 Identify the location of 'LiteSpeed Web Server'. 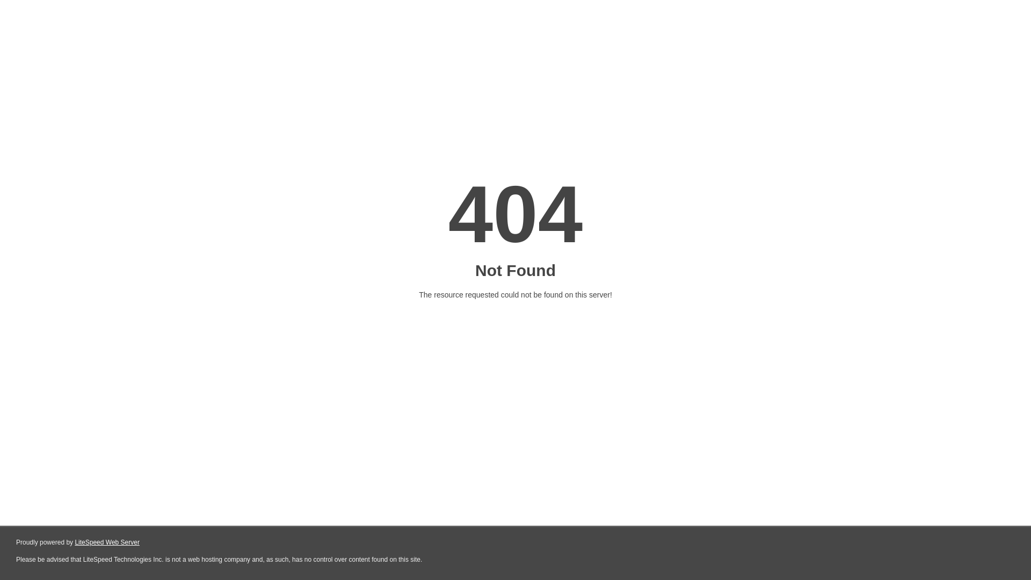
(107, 542).